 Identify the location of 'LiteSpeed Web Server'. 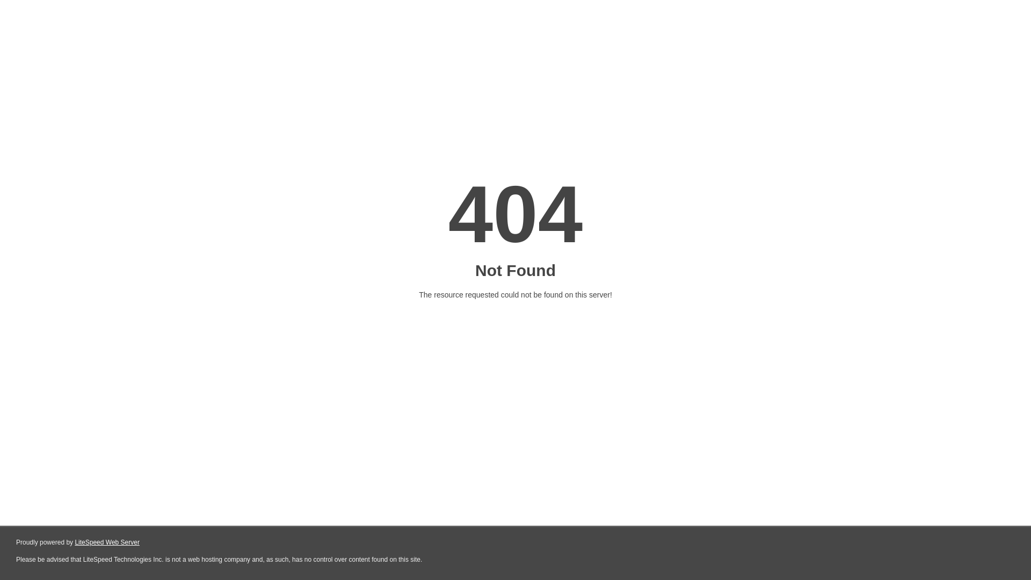
(107, 542).